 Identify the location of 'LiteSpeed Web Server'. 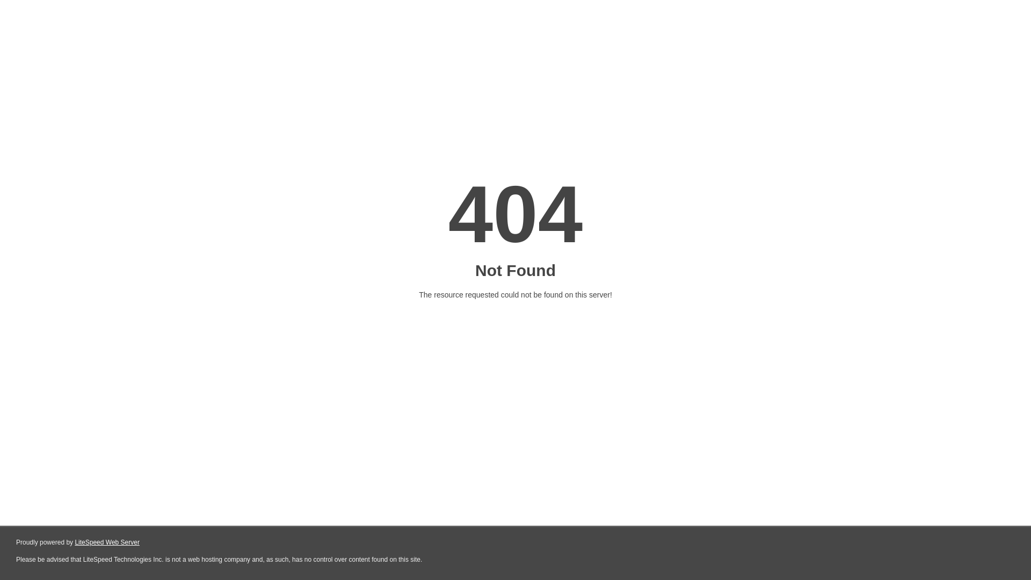
(107, 542).